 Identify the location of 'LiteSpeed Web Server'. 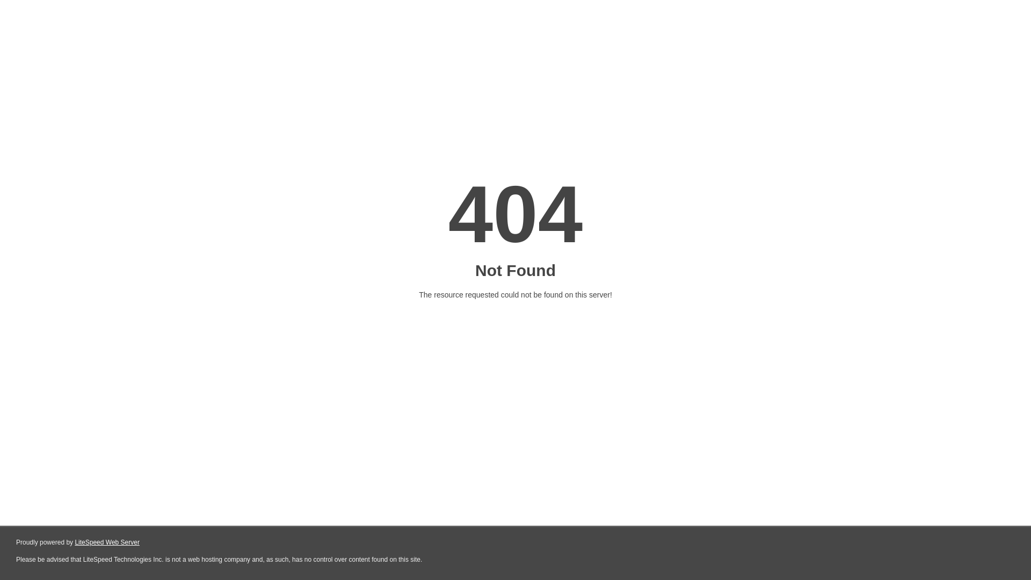
(107, 542).